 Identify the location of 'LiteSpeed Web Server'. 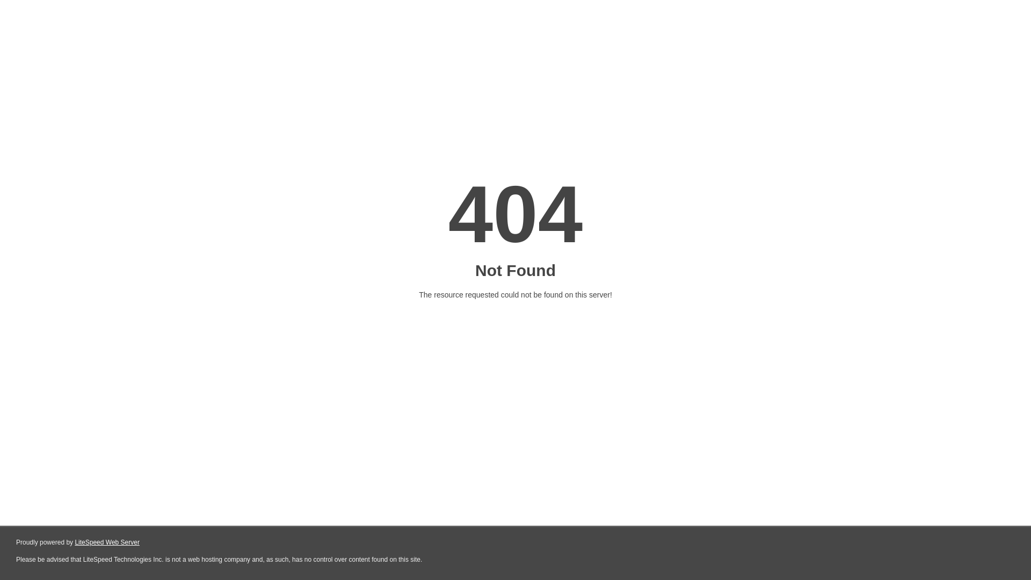
(107, 542).